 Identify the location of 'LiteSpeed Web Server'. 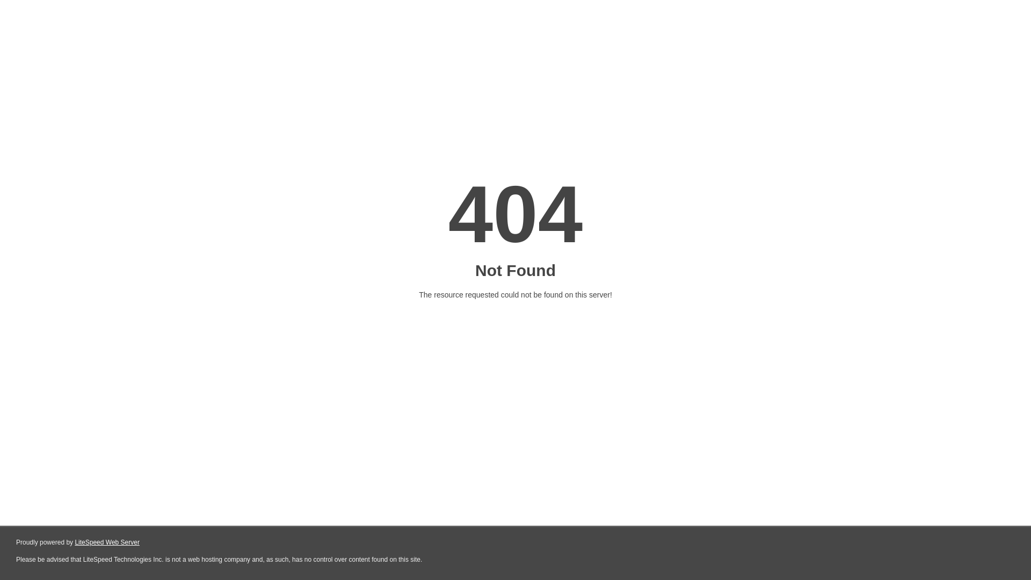
(107, 542).